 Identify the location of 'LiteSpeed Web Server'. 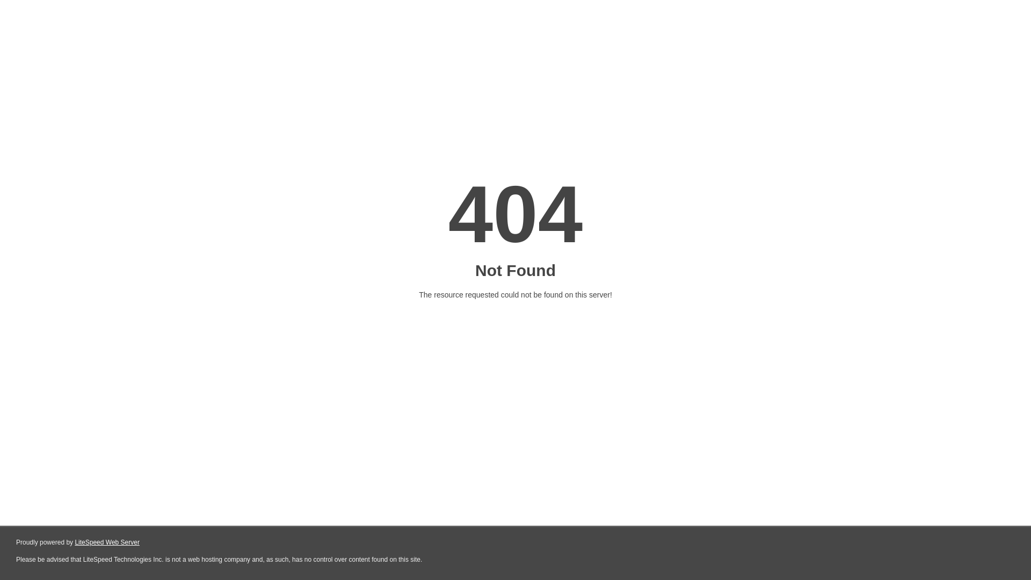
(107, 542).